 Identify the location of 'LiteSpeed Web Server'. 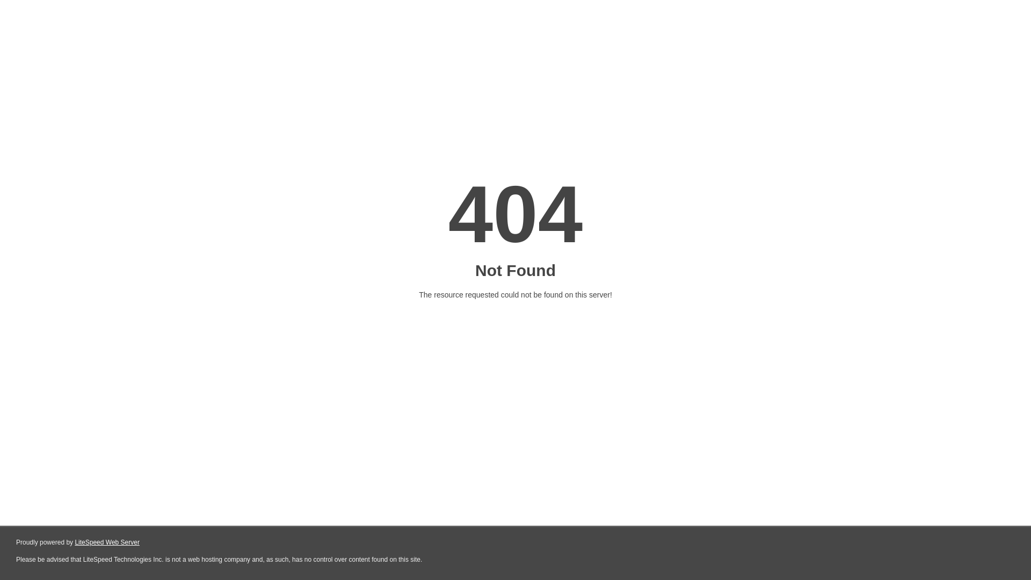
(107, 542).